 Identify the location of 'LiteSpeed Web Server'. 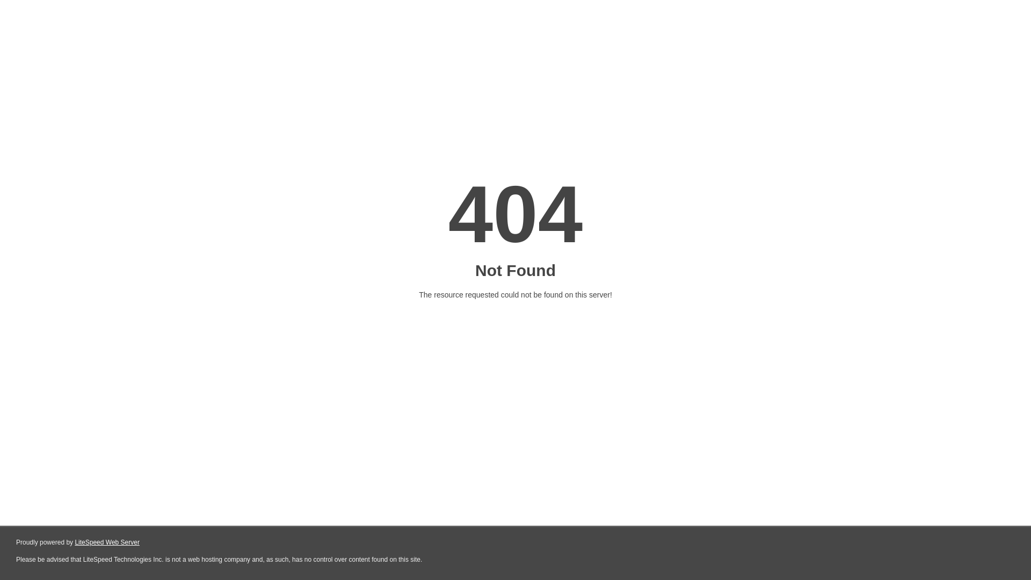
(107, 542).